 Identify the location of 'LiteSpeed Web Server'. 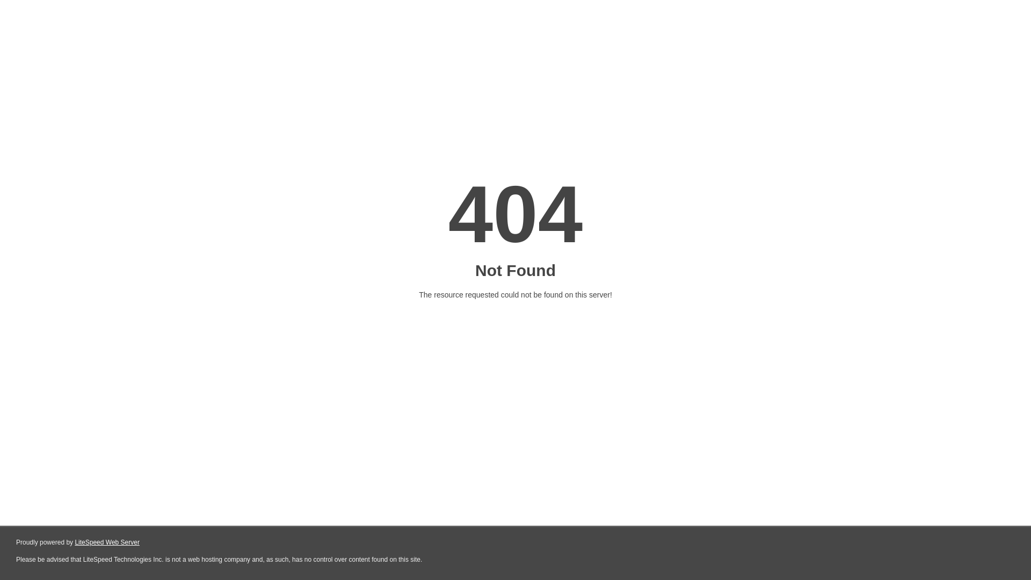
(107, 542).